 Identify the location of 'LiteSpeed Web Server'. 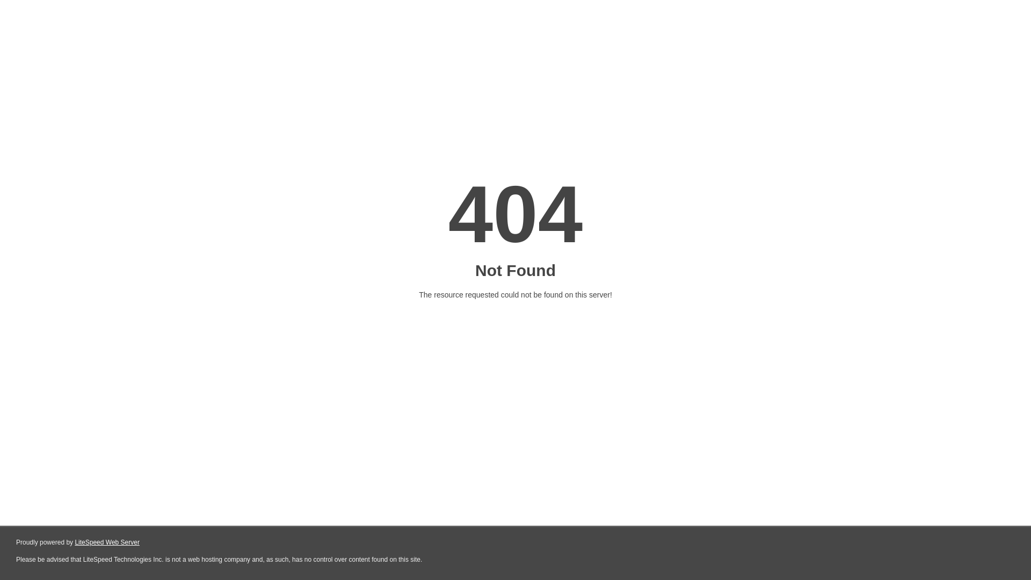
(107, 542).